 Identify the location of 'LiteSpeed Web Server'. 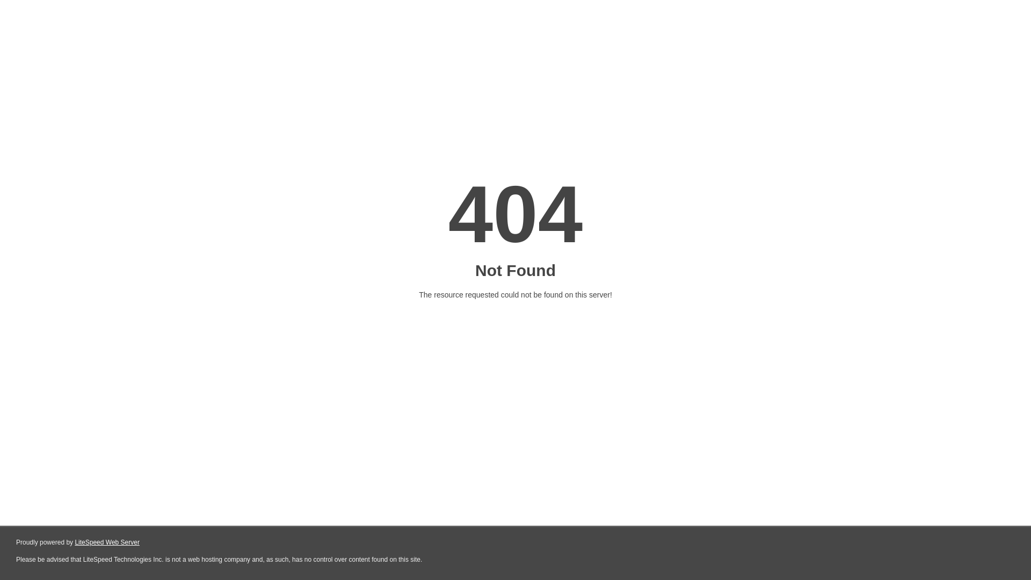
(107, 542).